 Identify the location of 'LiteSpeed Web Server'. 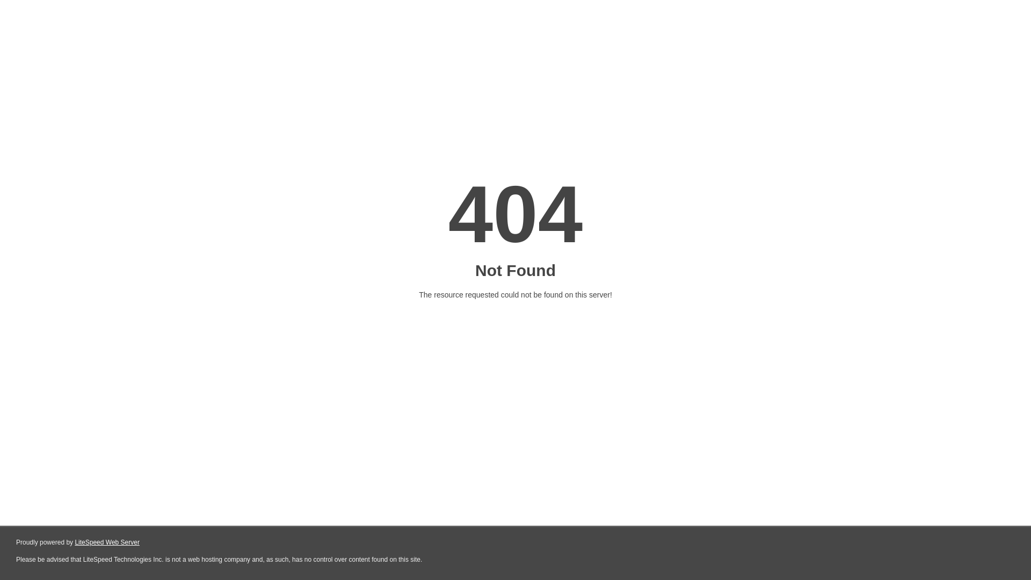
(107, 542).